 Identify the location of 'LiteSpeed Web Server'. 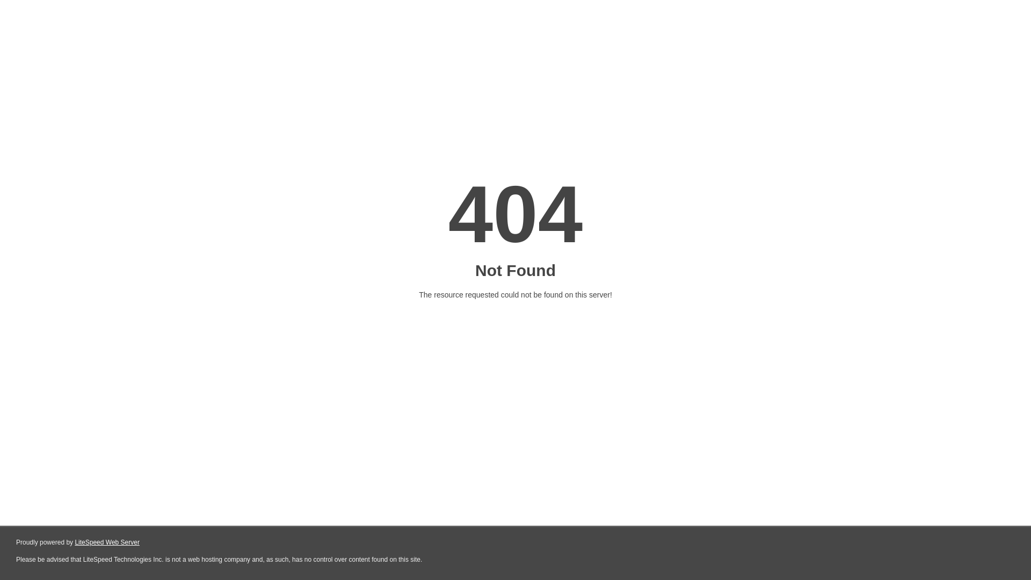
(107, 542).